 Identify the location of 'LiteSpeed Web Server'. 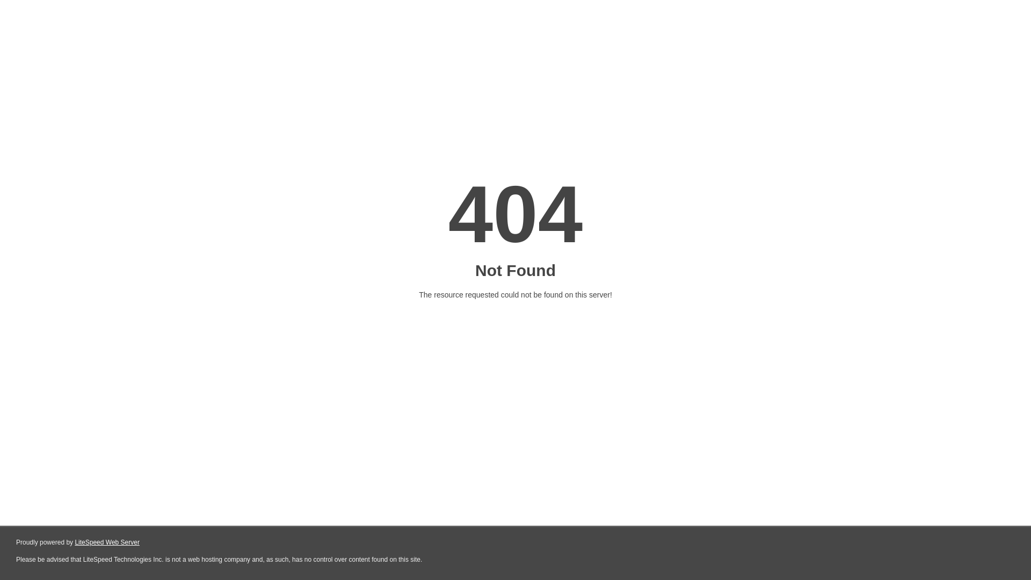
(107, 542).